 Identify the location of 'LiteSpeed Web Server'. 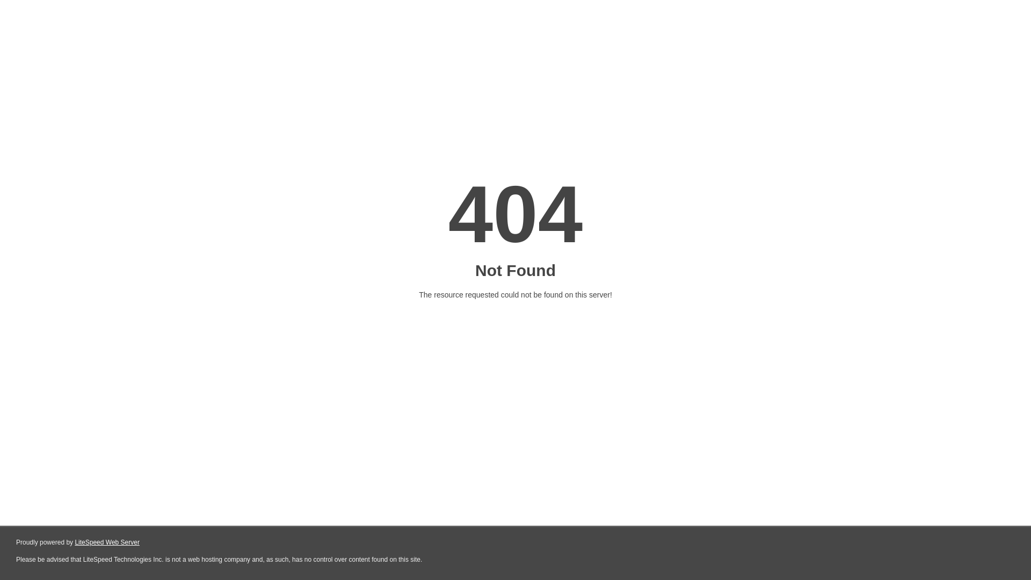
(107, 542).